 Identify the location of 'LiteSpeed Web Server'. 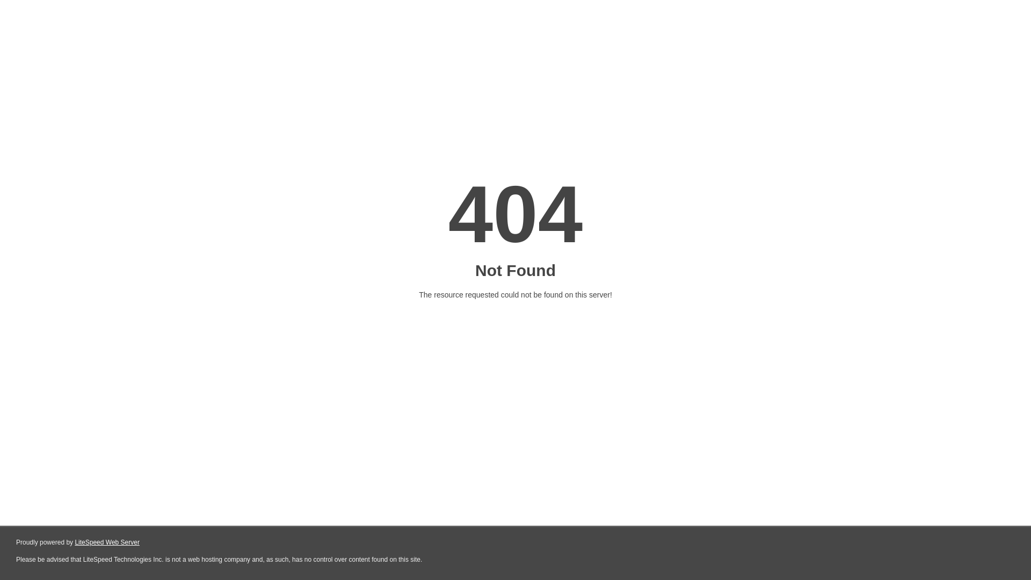
(107, 542).